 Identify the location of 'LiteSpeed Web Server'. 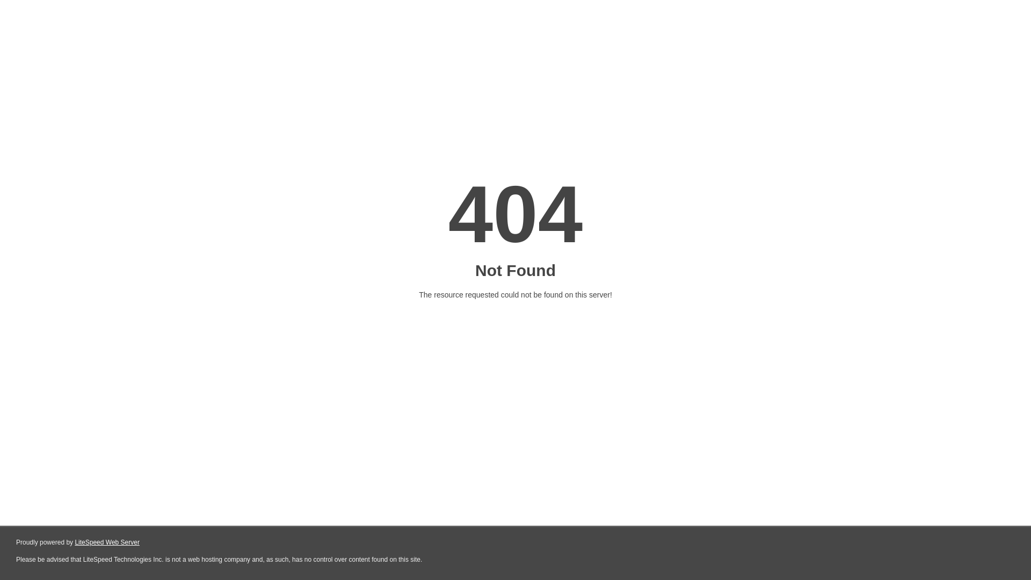
(107, 542).